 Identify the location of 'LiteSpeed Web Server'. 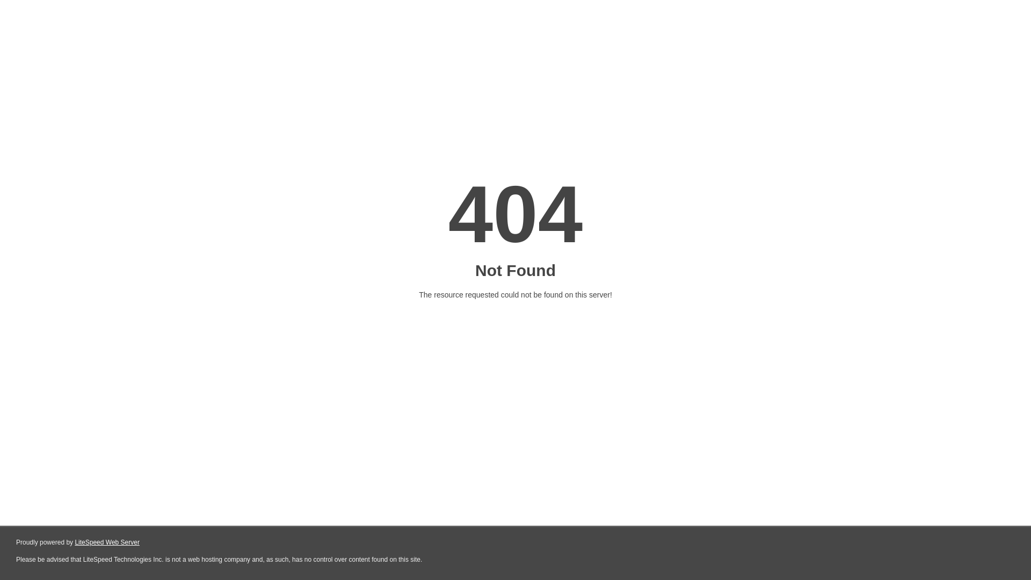
(107, 542).